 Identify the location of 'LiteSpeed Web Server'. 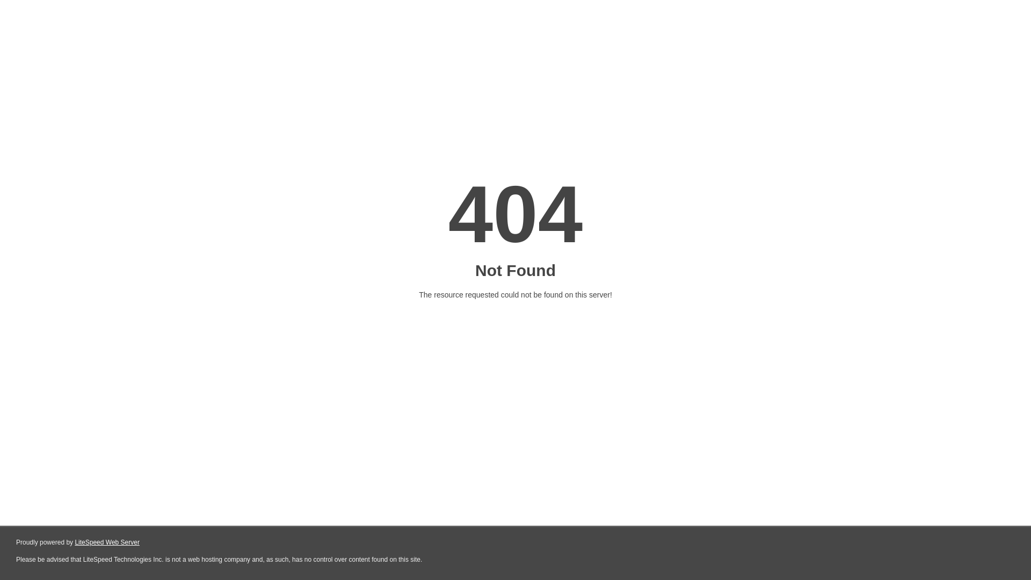
(107, 542).